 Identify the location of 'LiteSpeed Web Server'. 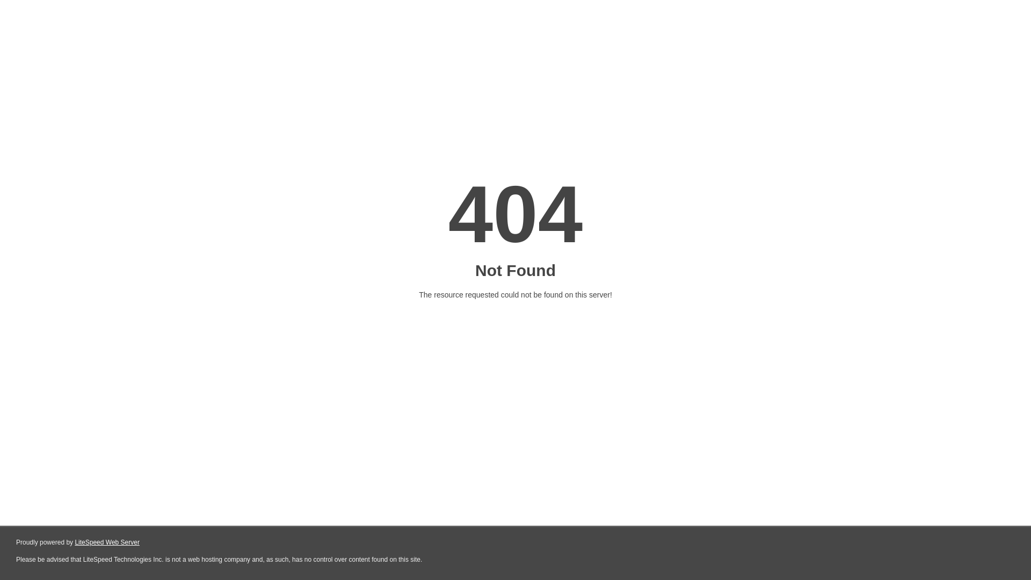
(107, 542).